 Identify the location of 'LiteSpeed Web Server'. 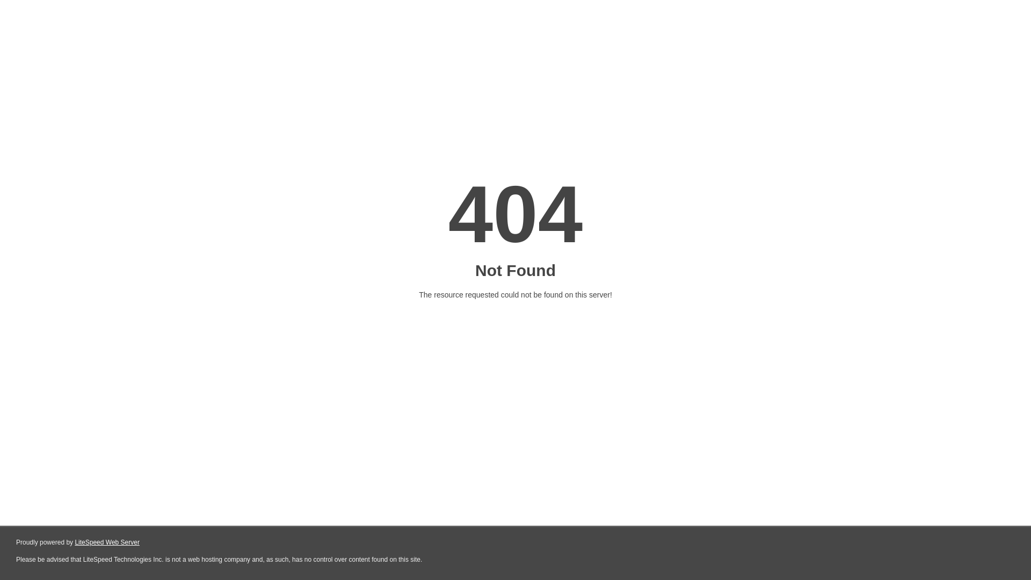
(107, 542).